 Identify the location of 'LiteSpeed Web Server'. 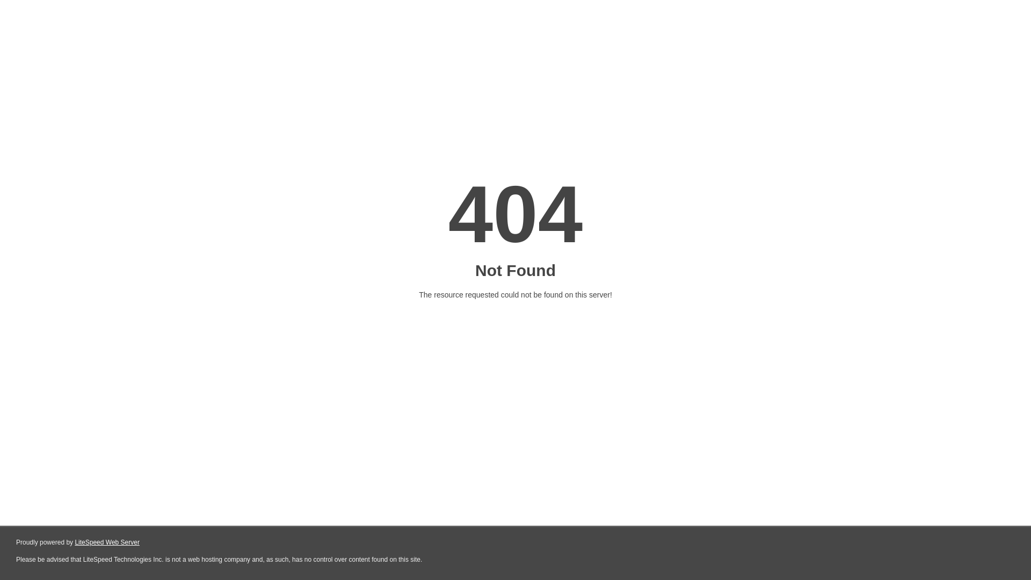
(107, 542).